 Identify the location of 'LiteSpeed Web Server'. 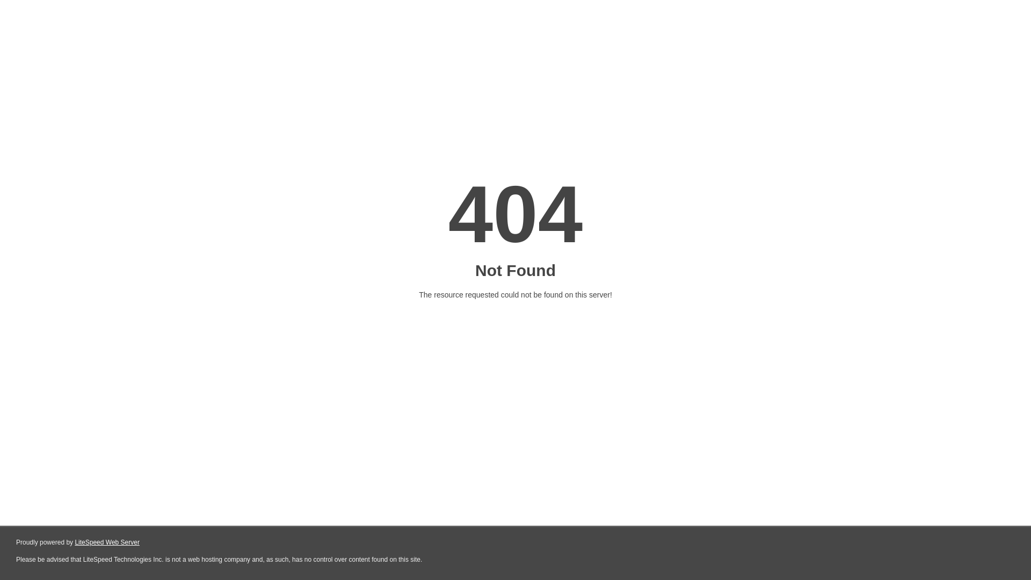
(107, 542).